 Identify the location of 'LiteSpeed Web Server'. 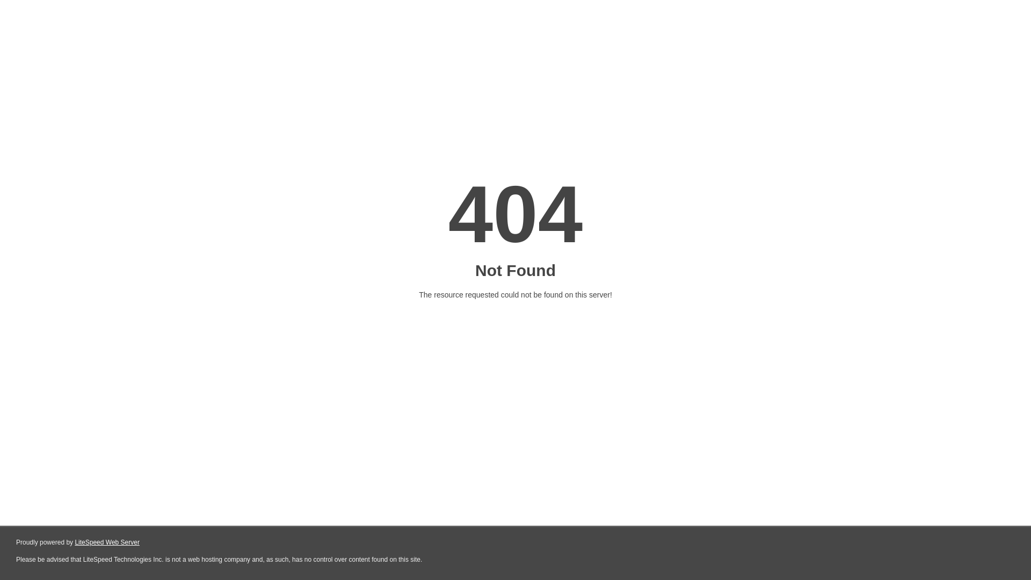
(107, 542).